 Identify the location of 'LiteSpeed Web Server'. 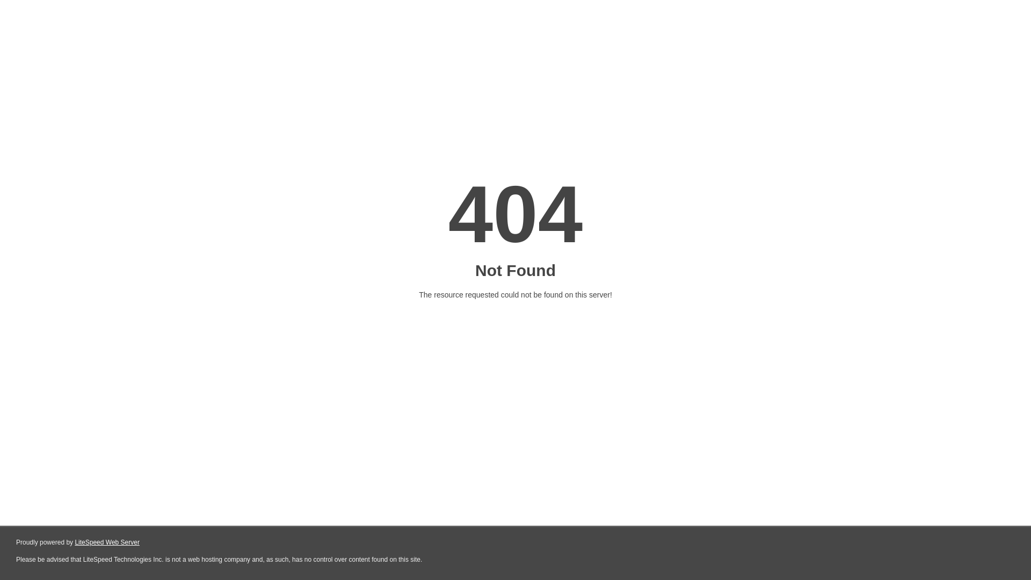
(107, 542).